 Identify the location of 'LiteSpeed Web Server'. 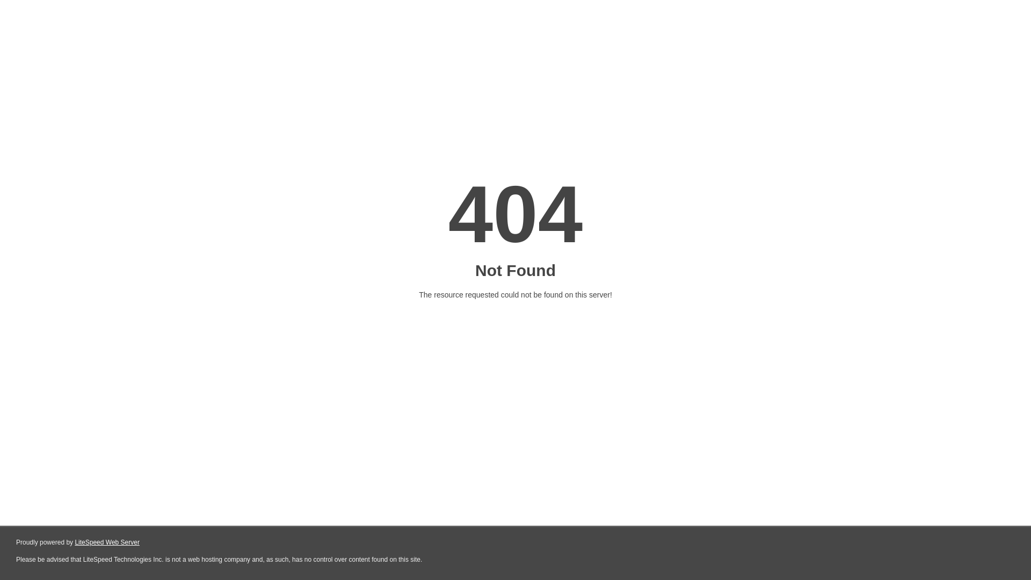
(107, 542).